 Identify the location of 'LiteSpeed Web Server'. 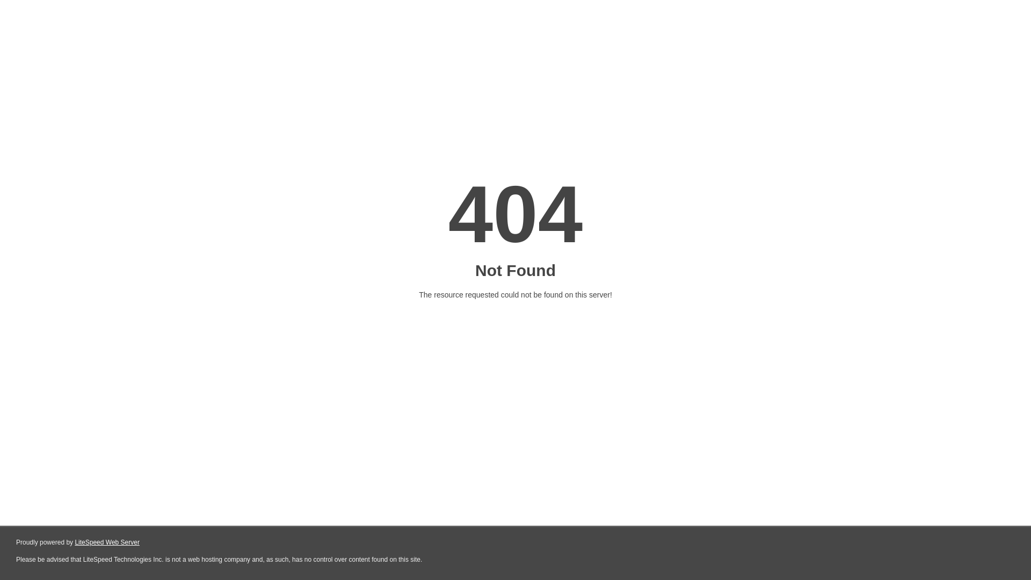
(107, 542).